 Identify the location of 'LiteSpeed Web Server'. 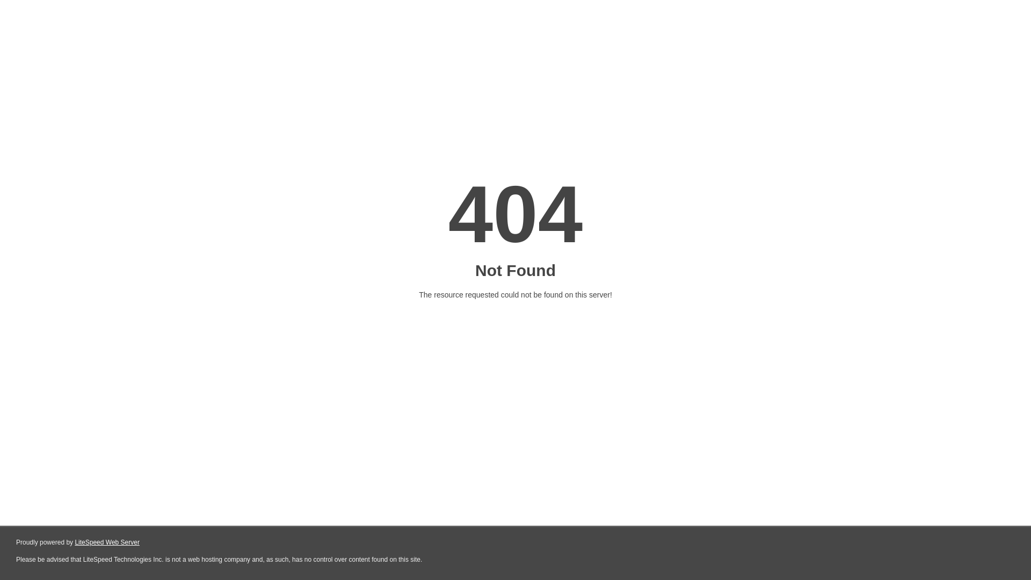
(107, 542).